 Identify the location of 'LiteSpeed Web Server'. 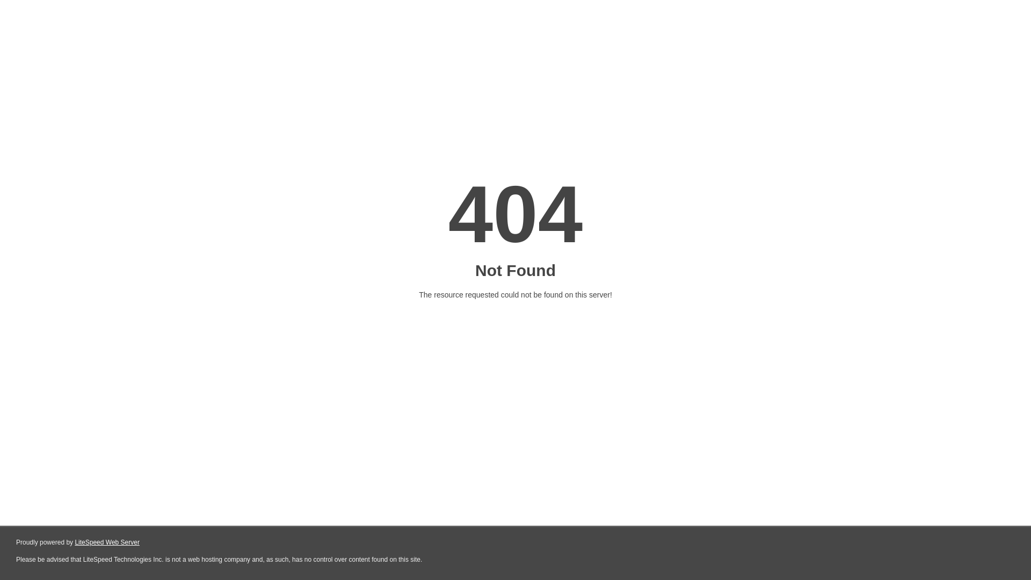
(107, 542).